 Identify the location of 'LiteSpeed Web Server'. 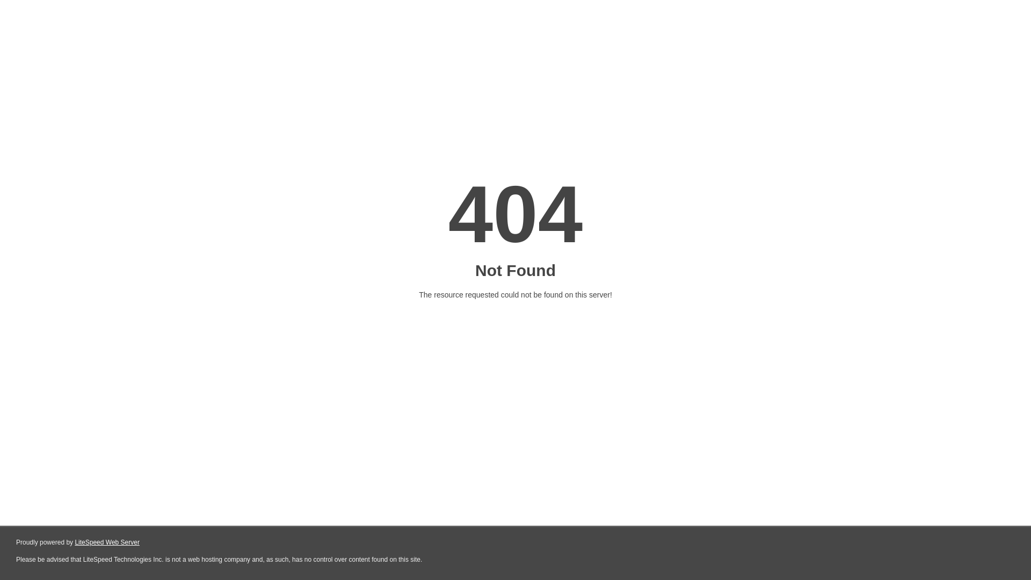
(107, 542).